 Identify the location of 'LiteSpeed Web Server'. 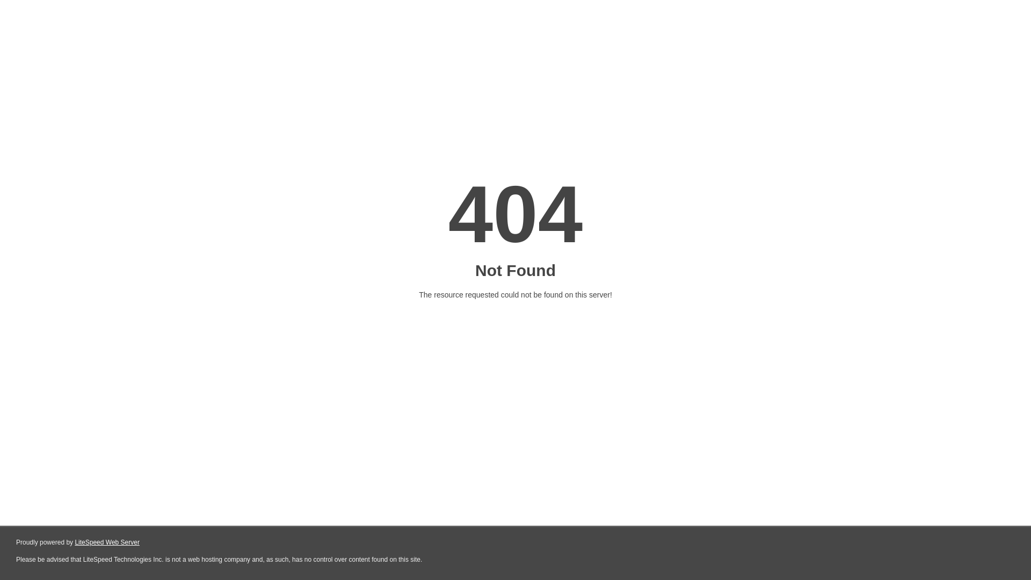
(107, 542).